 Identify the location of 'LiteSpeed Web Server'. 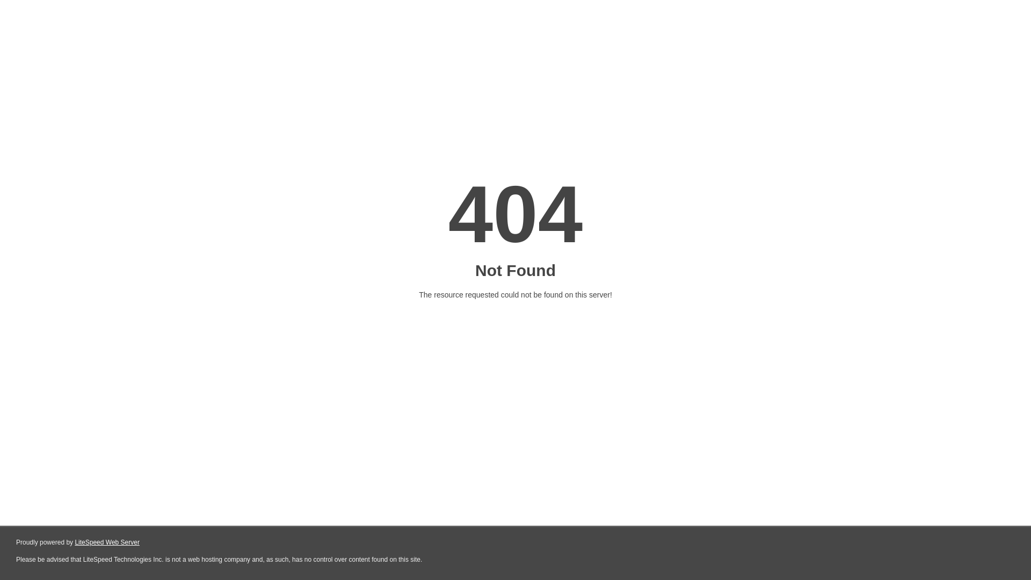
(107, 542).